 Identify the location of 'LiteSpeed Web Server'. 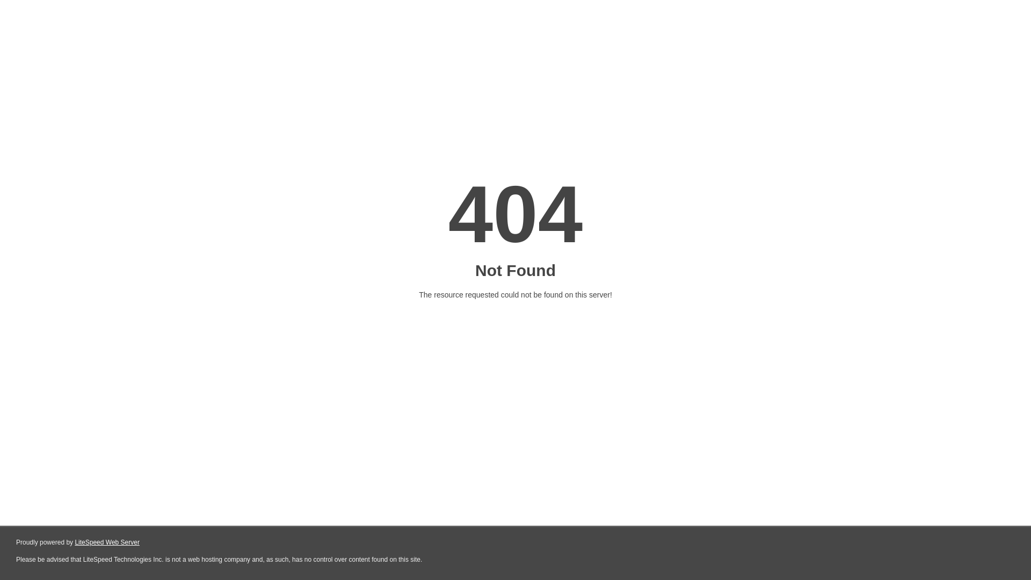
(107, 542).